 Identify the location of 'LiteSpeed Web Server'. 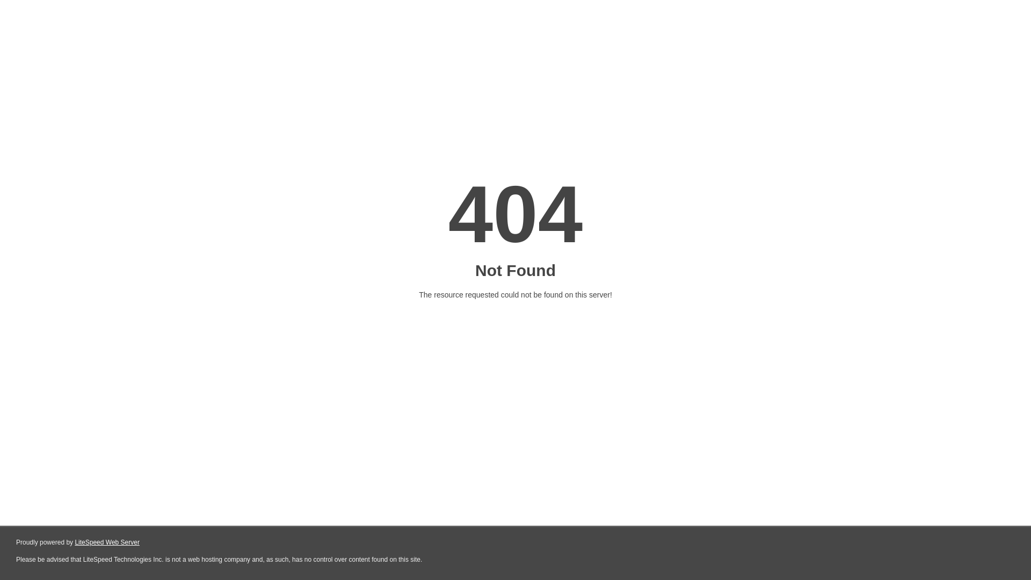
(107, 542).